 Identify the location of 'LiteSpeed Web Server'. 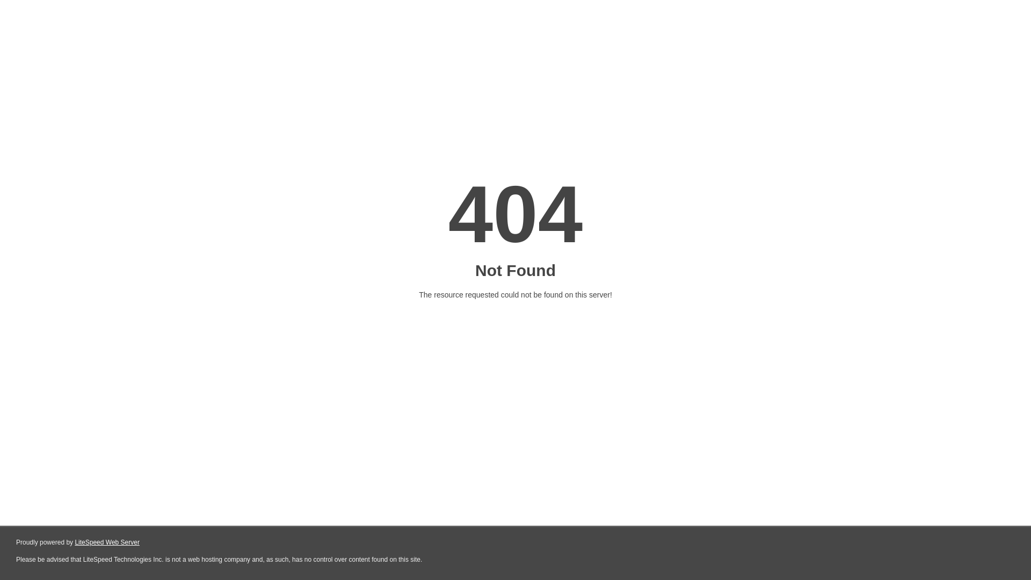
(107, 542).